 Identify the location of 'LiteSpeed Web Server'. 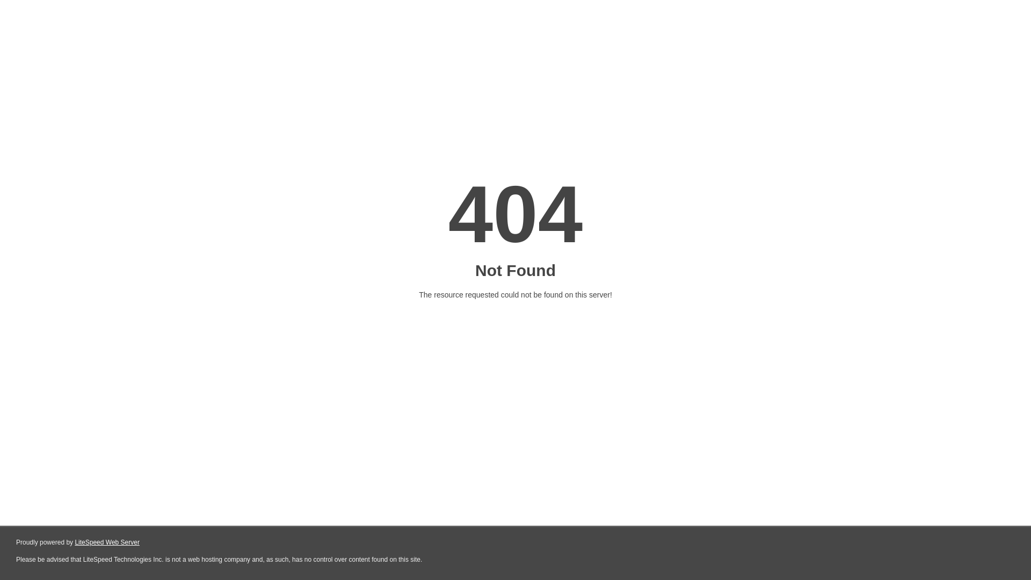
(107, 542).